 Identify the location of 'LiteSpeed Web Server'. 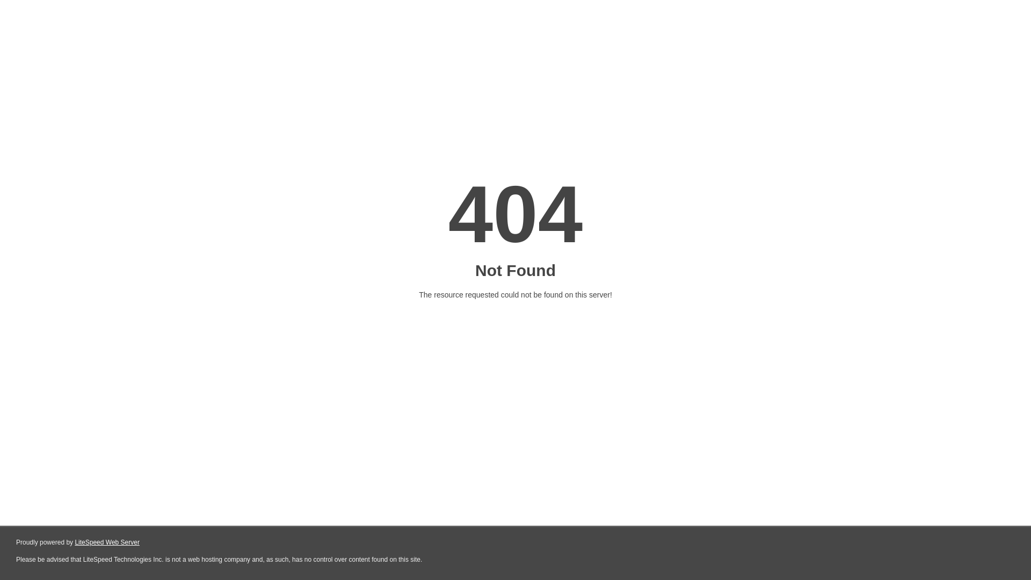
(107, 542).